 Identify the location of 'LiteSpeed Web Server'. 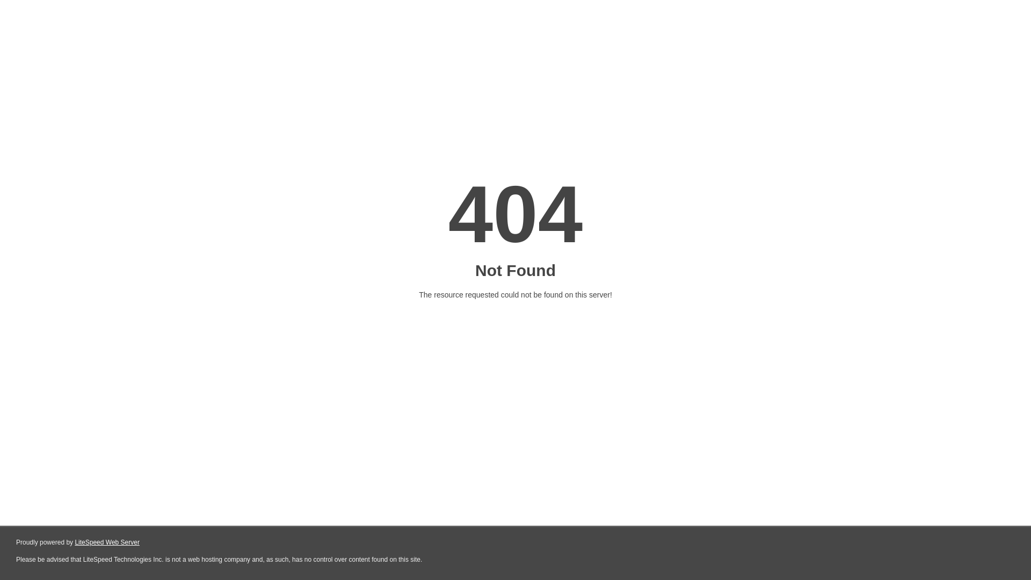
(107, 542).